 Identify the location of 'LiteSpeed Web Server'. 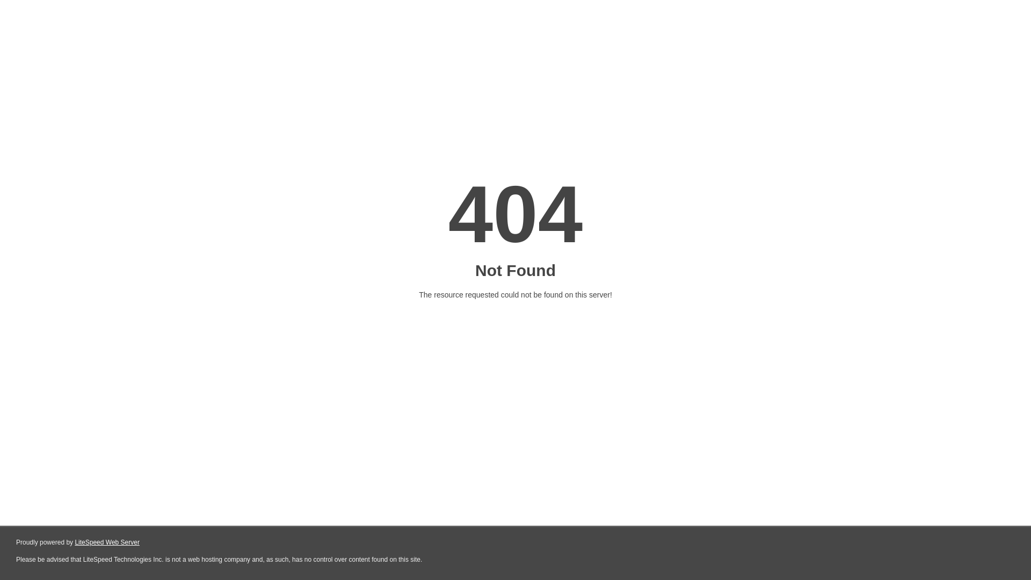
(107, 542).